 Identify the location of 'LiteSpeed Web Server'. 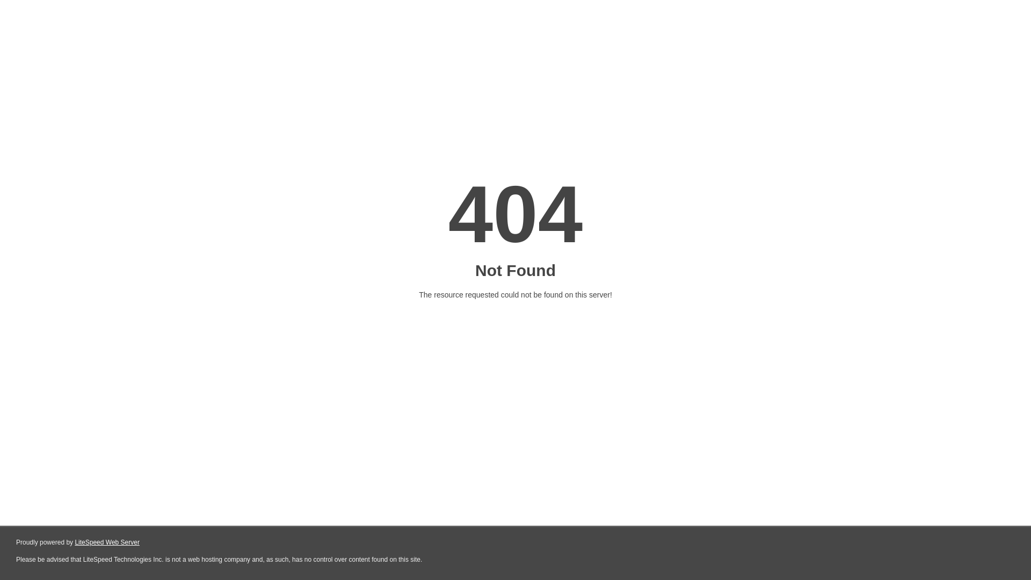
(107, 542).